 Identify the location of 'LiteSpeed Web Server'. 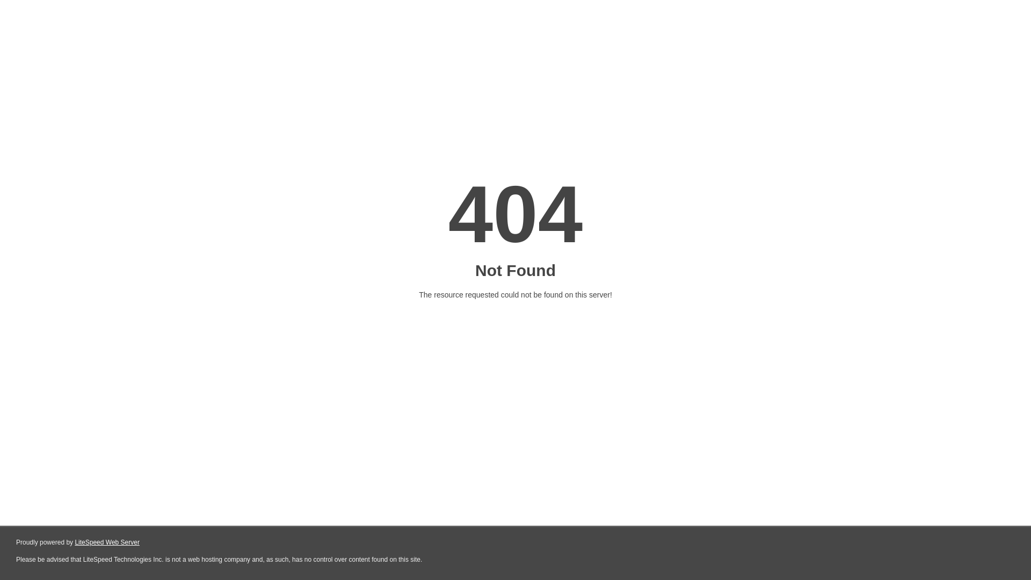
(107, 542).